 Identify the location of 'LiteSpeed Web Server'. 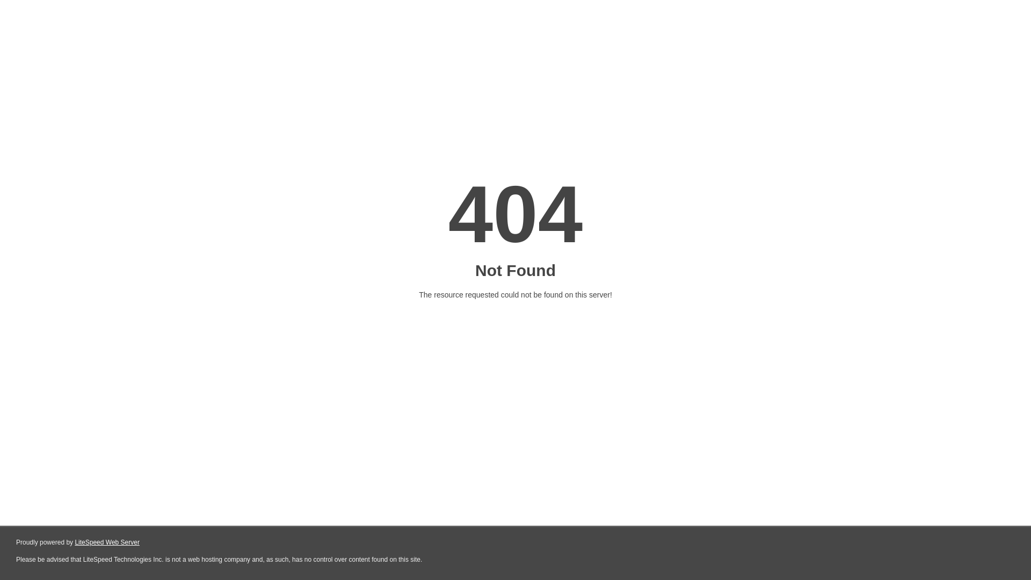
(107, 542).